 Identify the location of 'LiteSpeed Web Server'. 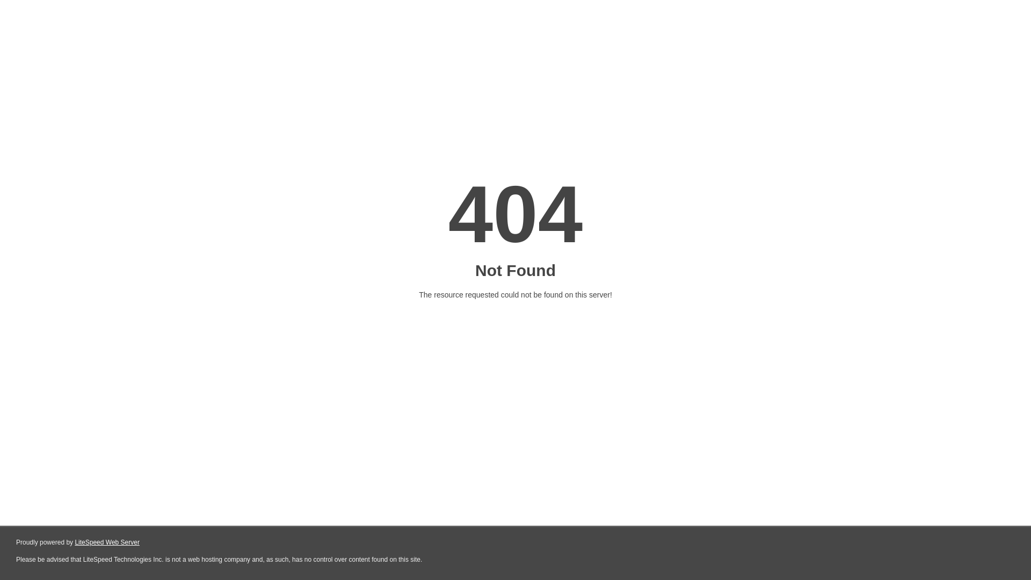
(107, 542).